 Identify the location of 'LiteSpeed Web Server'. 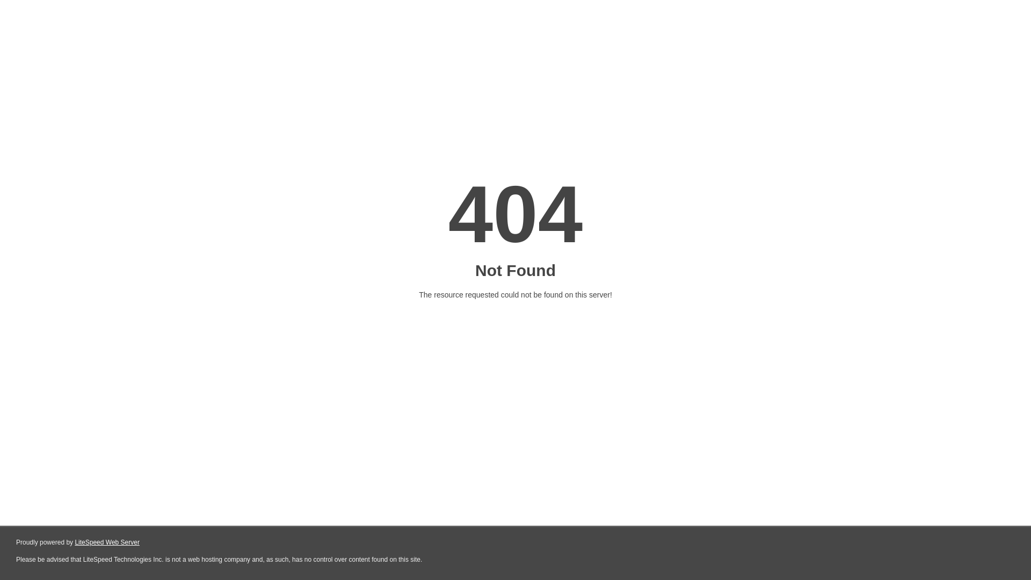
(107, 542).